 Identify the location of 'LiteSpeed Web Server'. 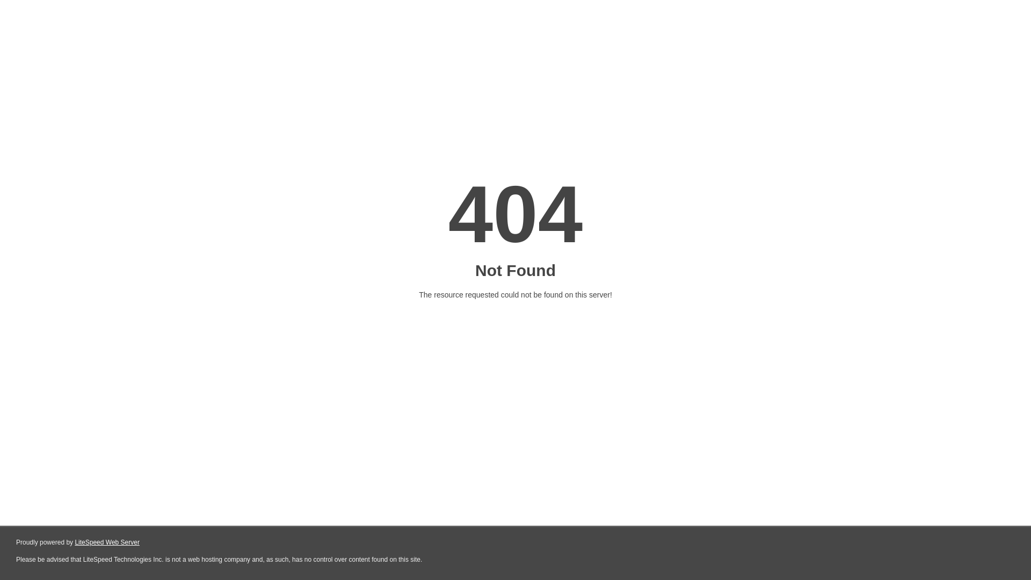
(107, 542).